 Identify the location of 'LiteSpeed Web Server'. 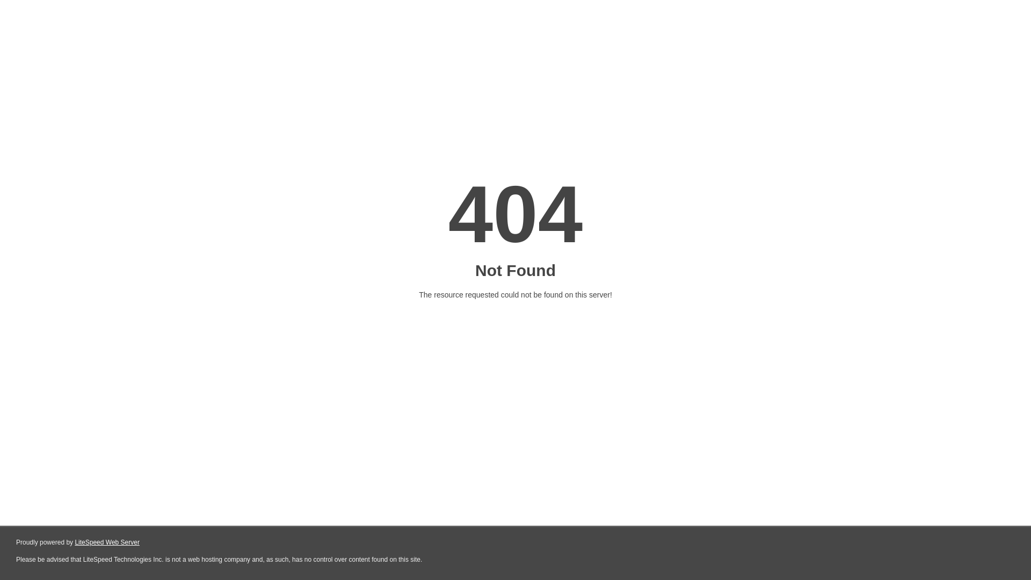
(107, 542).